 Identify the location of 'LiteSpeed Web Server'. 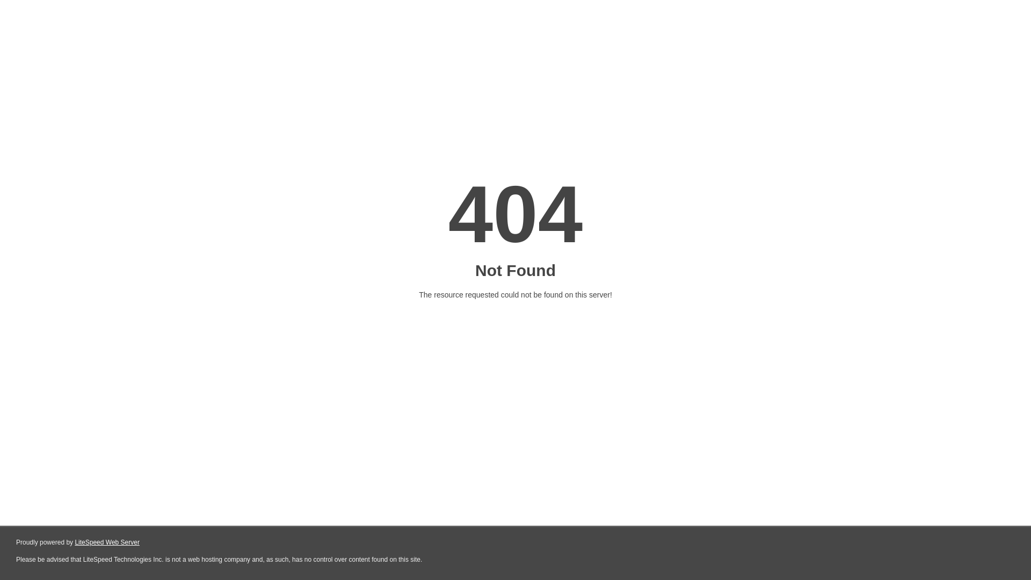
(107, 542).